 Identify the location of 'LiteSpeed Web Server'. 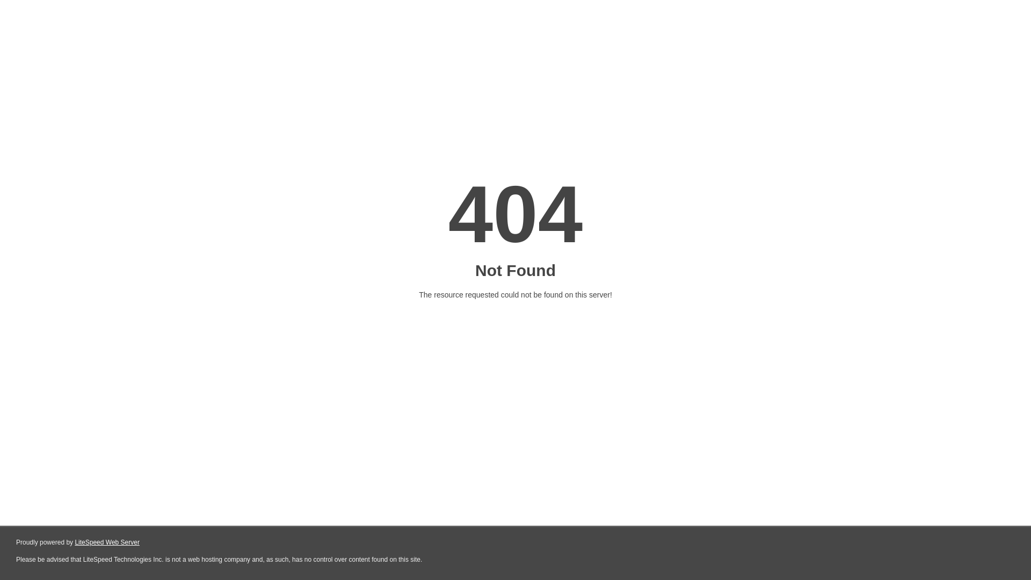
(107, 542).